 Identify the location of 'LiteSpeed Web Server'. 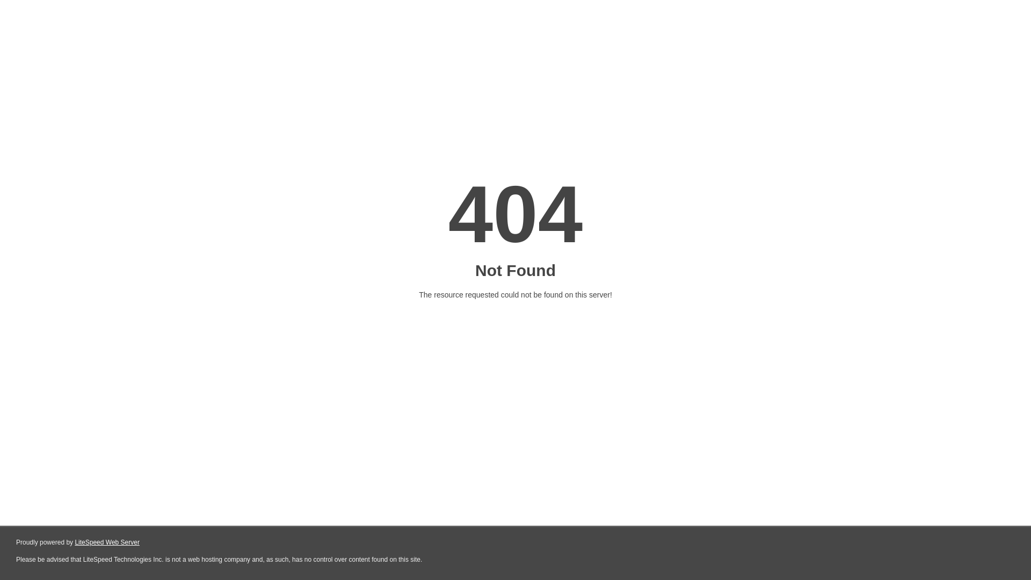
(107, 542).